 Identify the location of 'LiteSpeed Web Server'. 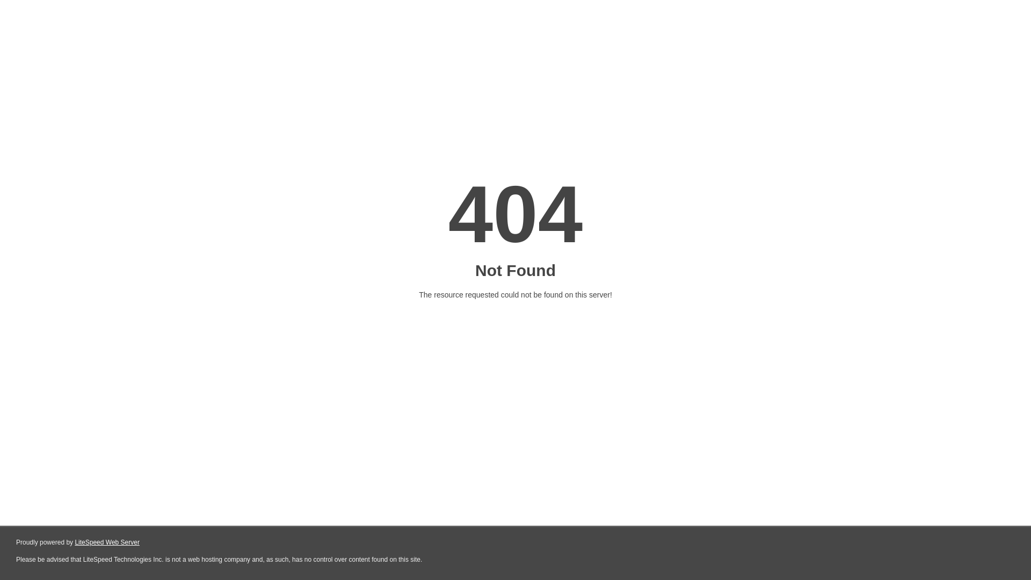
(107, 542).